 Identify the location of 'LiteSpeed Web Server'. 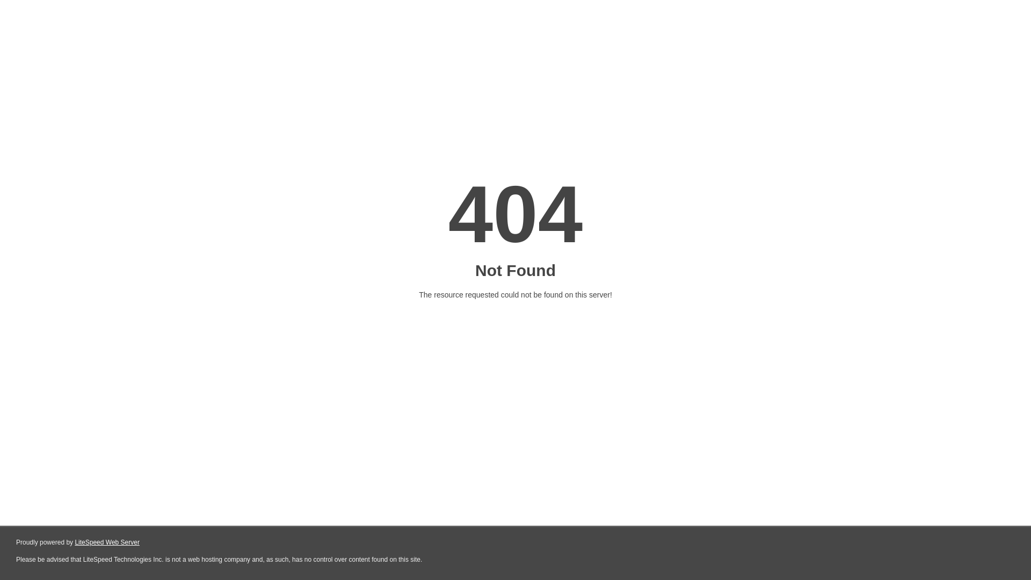
(107, 542).